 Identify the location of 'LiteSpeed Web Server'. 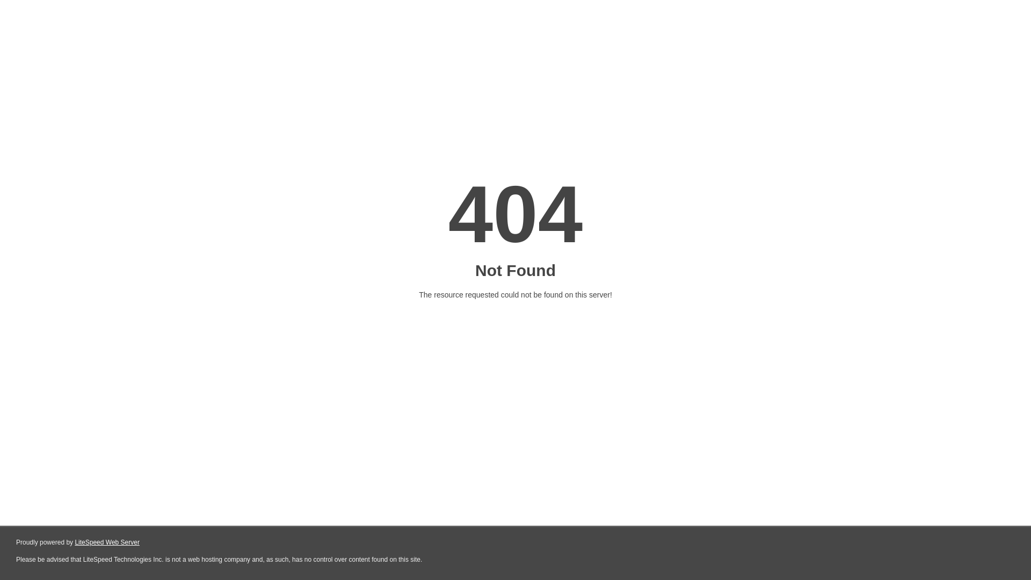
(107, 542).